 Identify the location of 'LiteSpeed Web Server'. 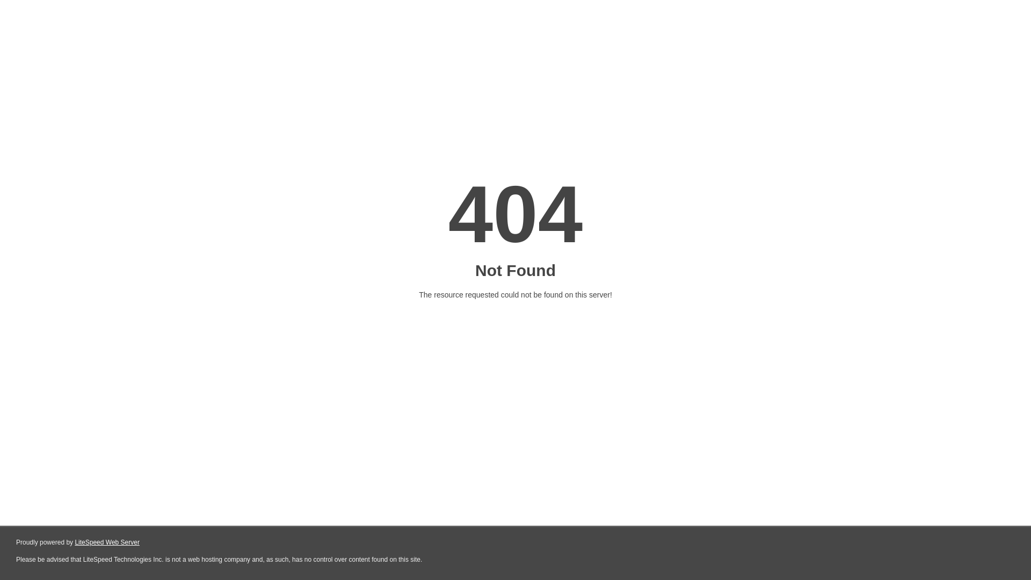
(107, 542).